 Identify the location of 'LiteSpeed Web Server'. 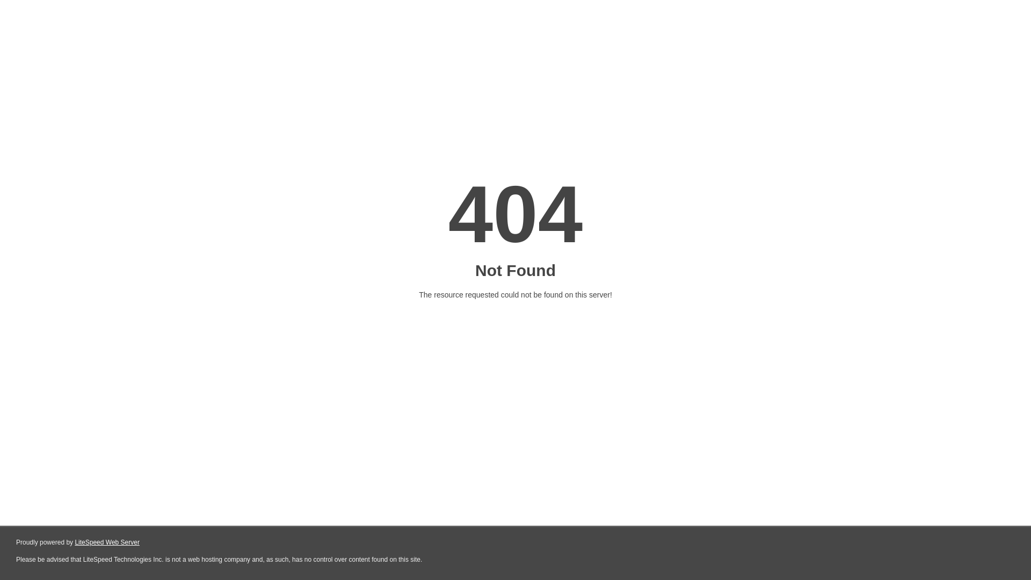
(107, 542).